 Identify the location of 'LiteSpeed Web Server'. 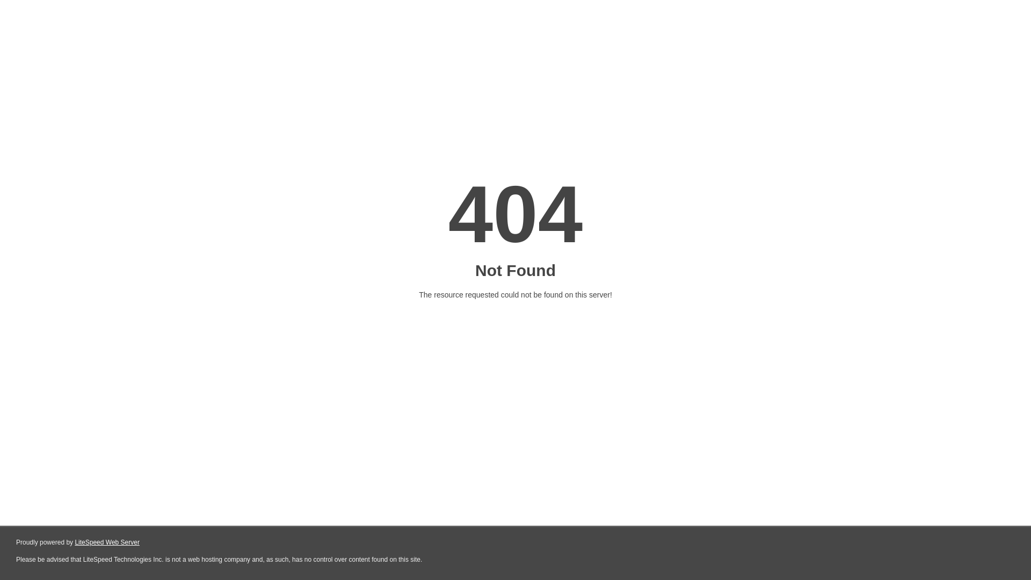
(107, 542).